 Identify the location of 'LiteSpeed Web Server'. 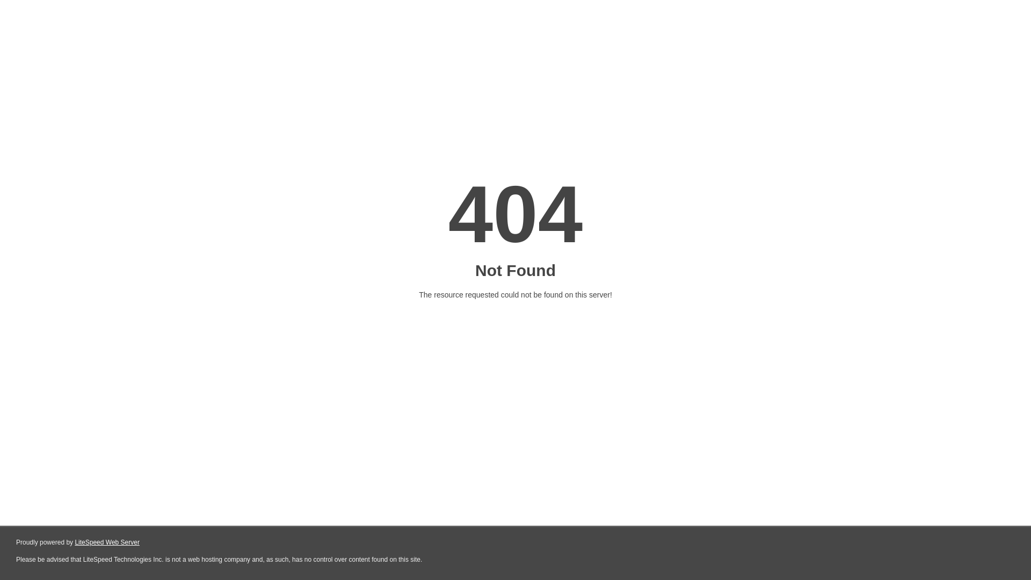
(107, 542).